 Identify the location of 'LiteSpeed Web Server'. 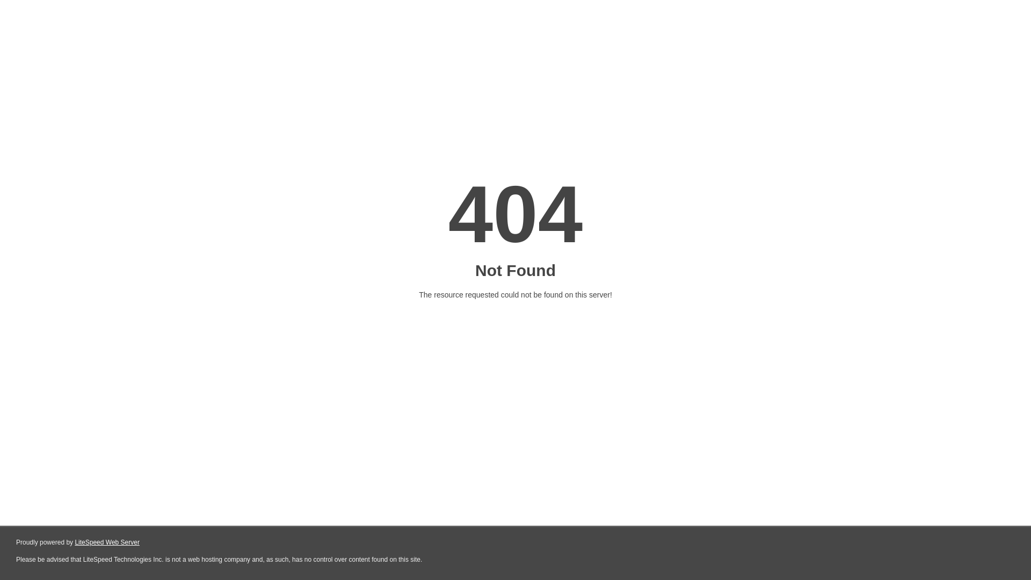
(107, 542).